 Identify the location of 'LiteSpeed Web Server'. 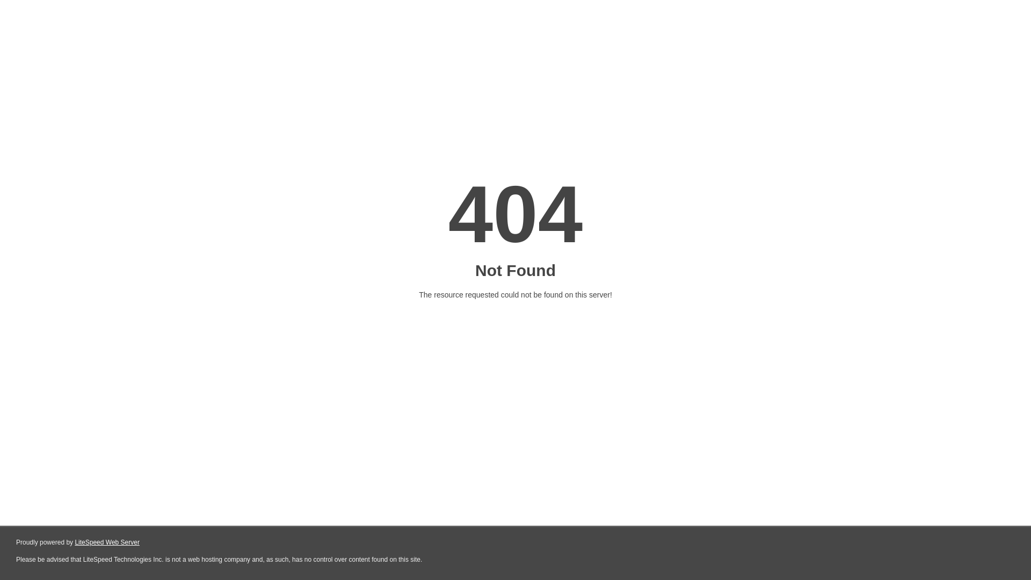
(107, 542).